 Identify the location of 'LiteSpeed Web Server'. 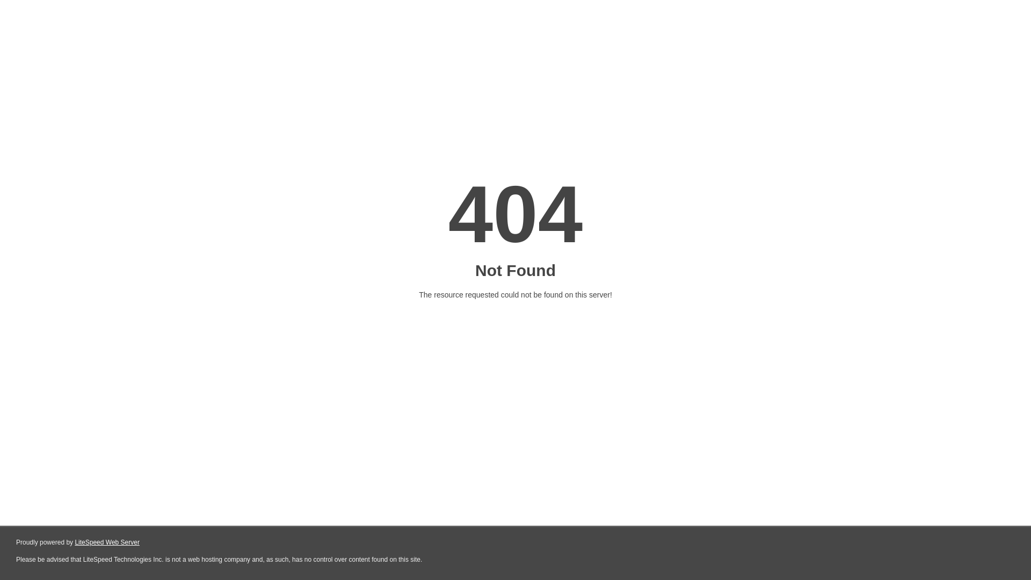
(107, 542).